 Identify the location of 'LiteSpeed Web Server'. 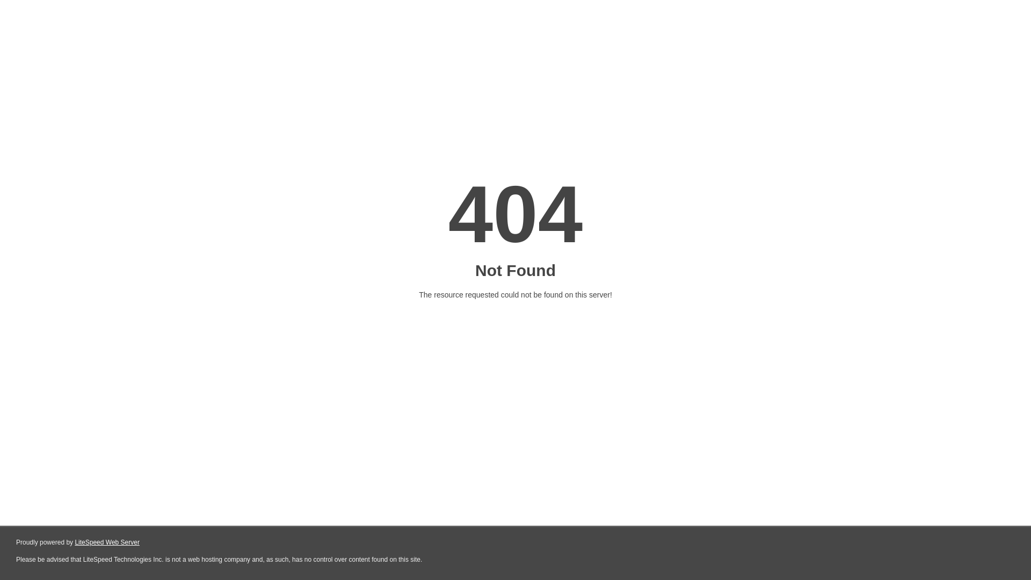
(107, 542).